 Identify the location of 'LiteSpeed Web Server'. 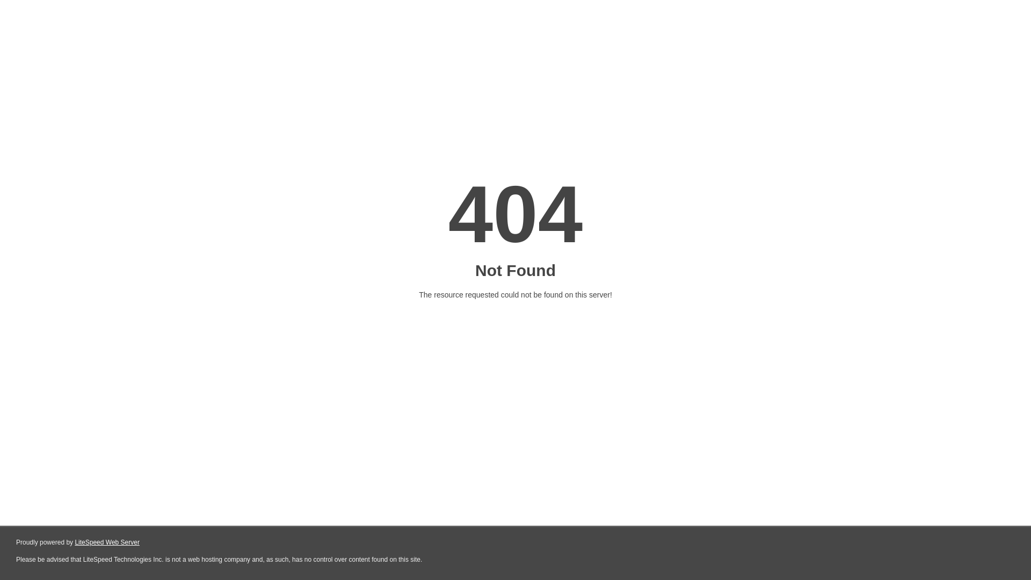
(107, 542).